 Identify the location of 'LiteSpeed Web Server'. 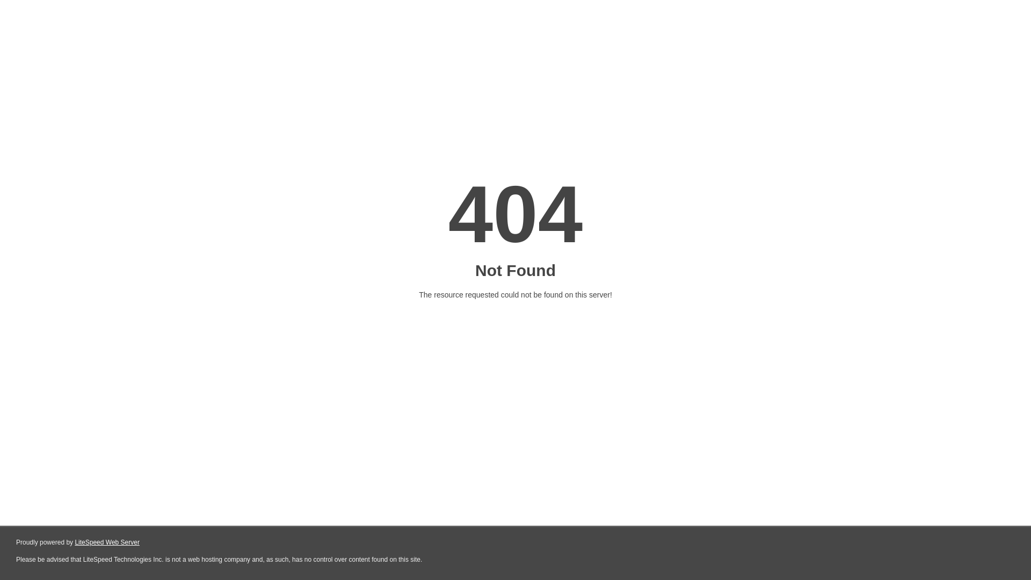
(107, 542).